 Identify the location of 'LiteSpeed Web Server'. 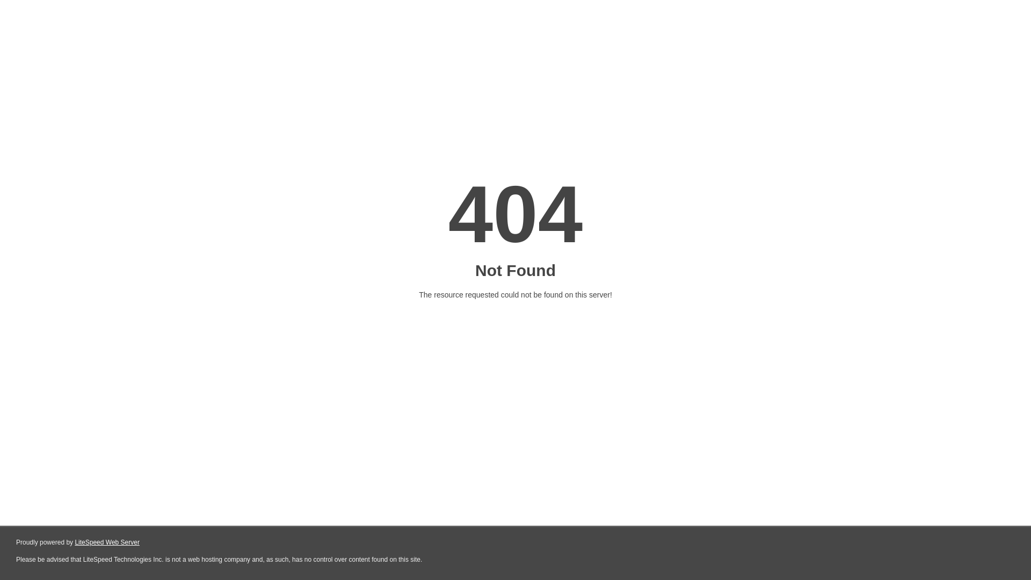
(107, 542).